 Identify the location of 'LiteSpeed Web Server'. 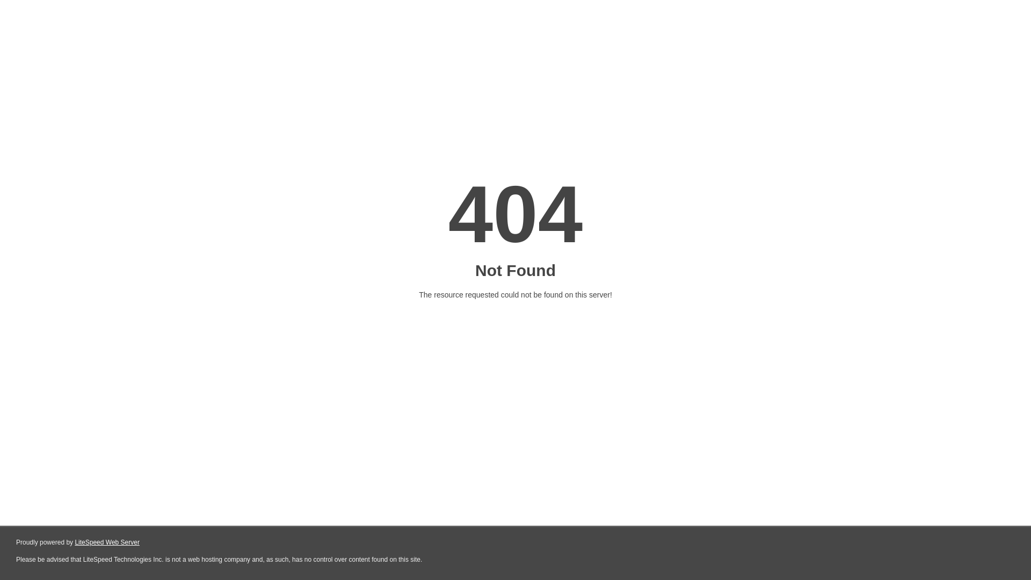
(107, 542).